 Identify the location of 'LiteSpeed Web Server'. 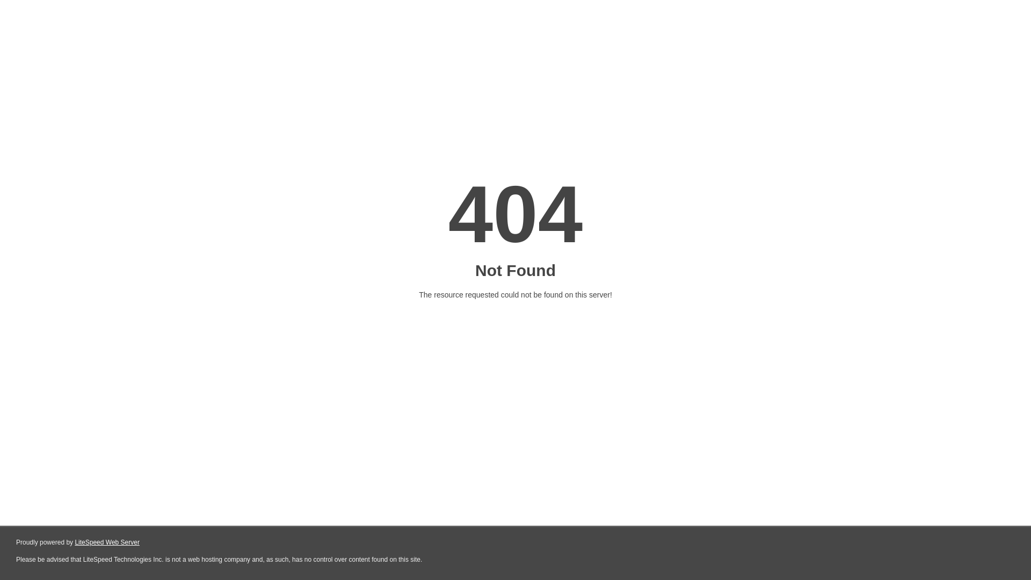
(107, 542).